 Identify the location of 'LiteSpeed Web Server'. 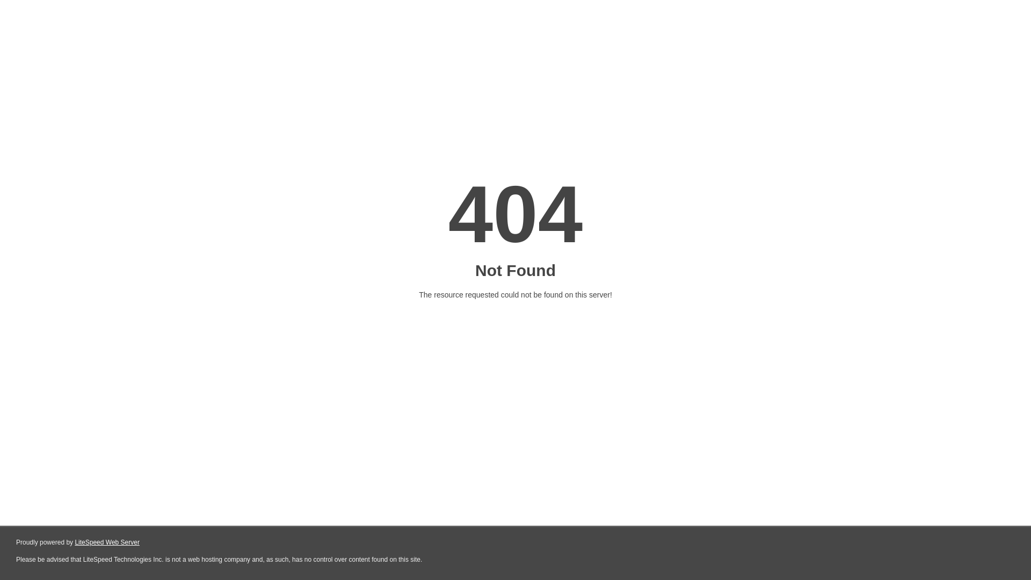
(107, 542).